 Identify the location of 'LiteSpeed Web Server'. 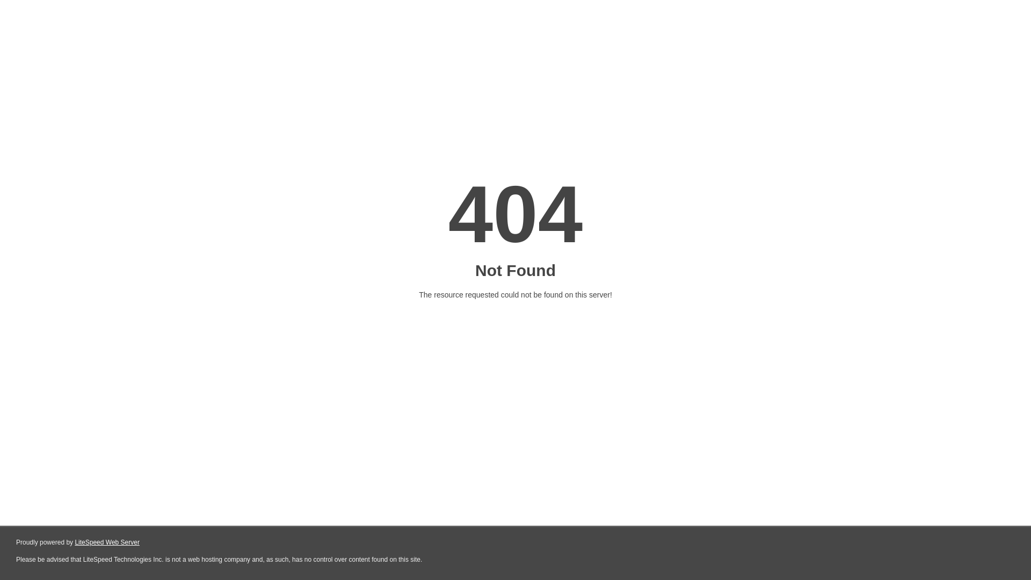
(107, 542).